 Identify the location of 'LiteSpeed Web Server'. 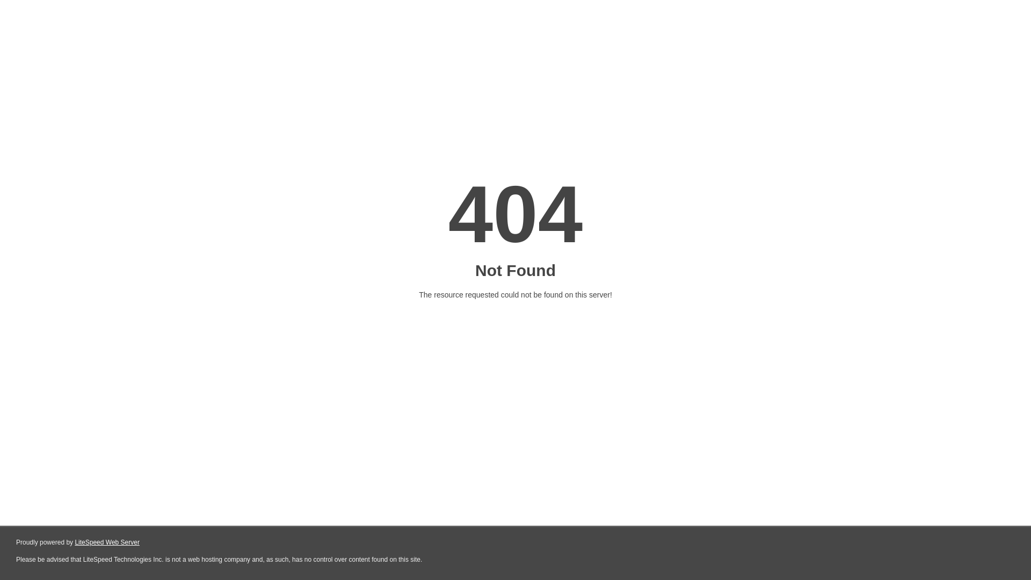
(107, 542).